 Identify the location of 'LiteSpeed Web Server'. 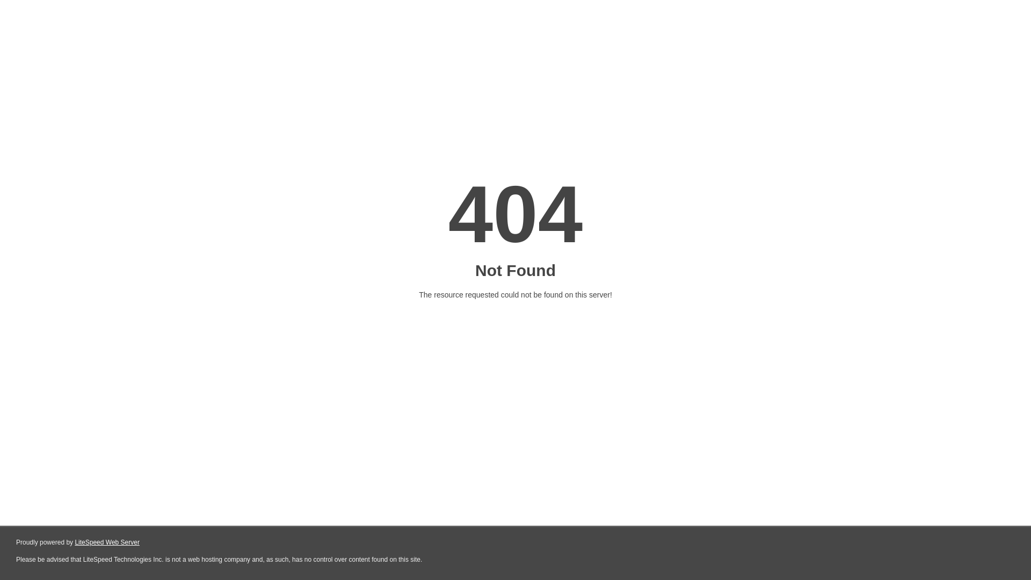
(107, 542).